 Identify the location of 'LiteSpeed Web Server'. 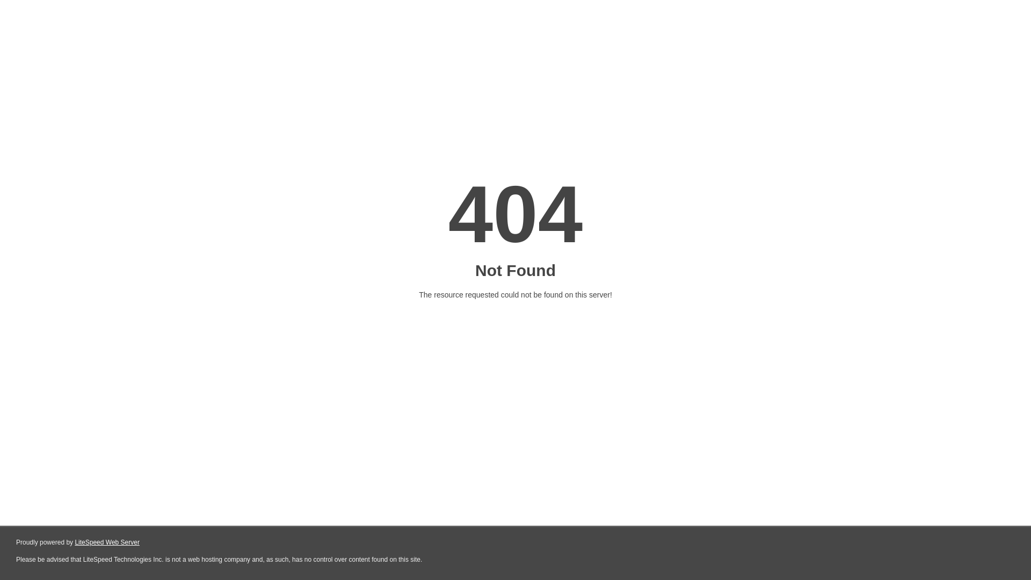
(107, 542).